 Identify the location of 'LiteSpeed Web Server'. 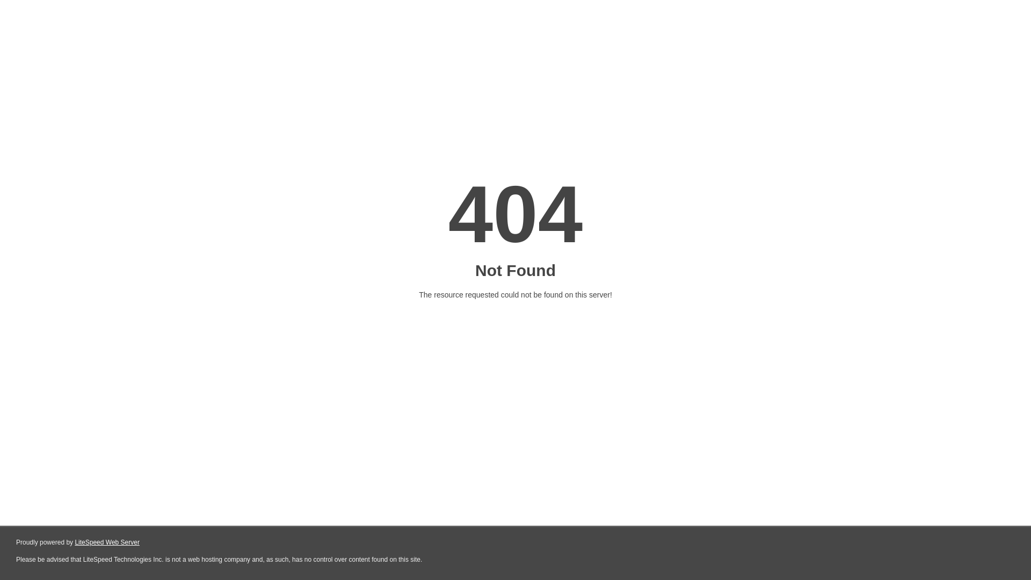
(107, 542).